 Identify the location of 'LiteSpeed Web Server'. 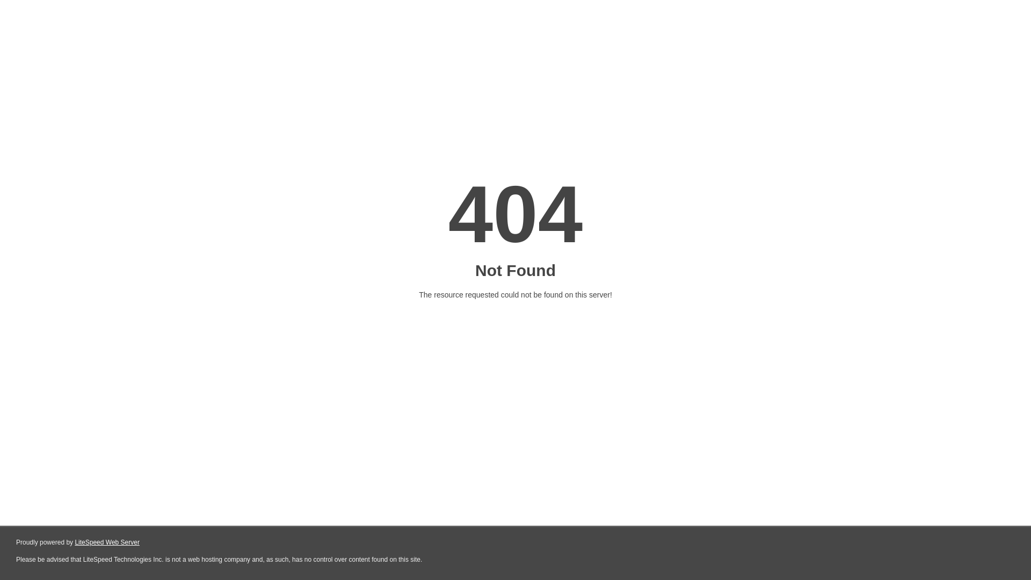
(107, 542).